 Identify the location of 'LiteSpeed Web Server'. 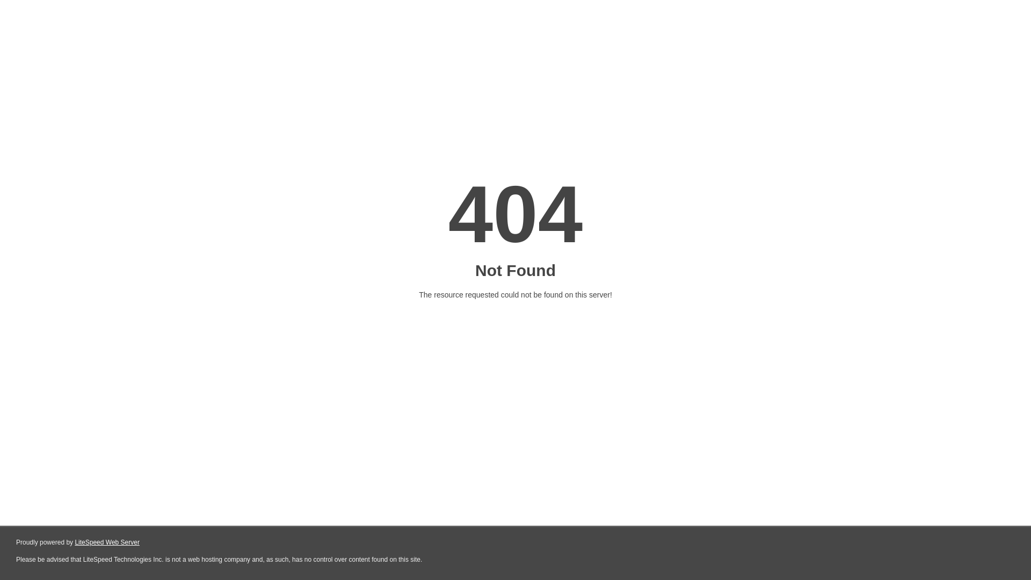
(107, 542).